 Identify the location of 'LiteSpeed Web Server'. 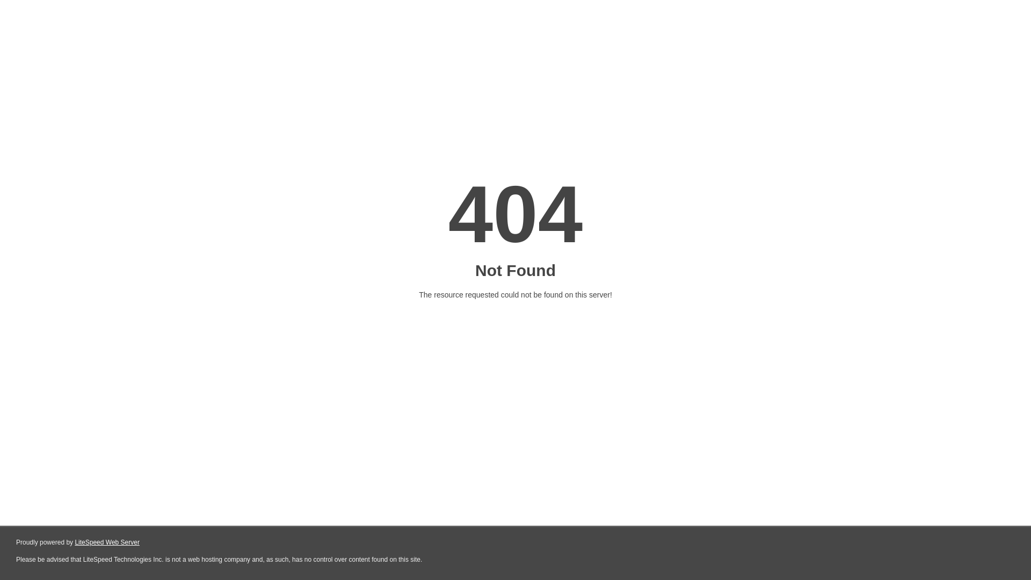
(107, 542).